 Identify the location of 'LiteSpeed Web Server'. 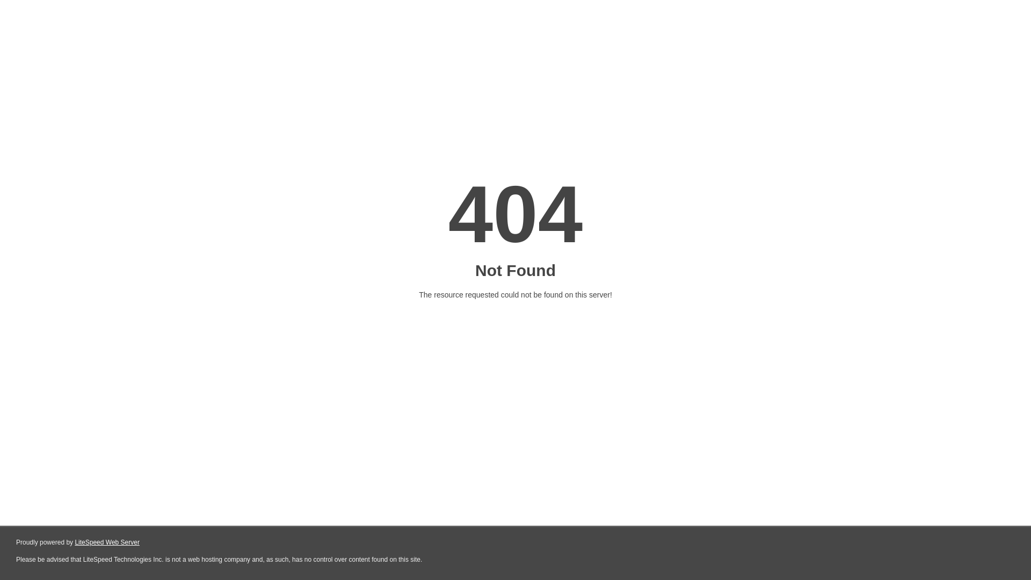
(107, 542).